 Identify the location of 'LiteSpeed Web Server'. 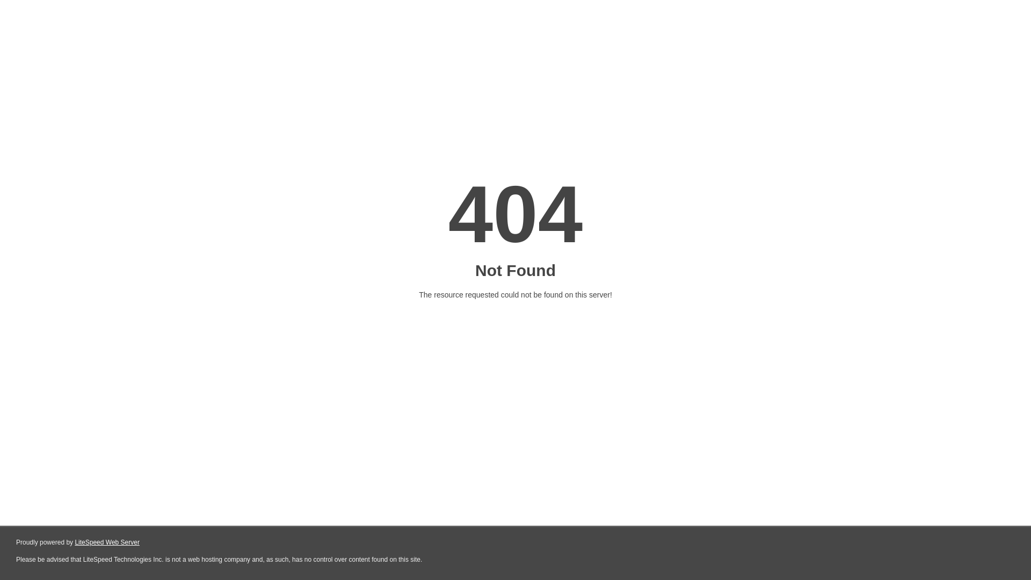
(107, 542).